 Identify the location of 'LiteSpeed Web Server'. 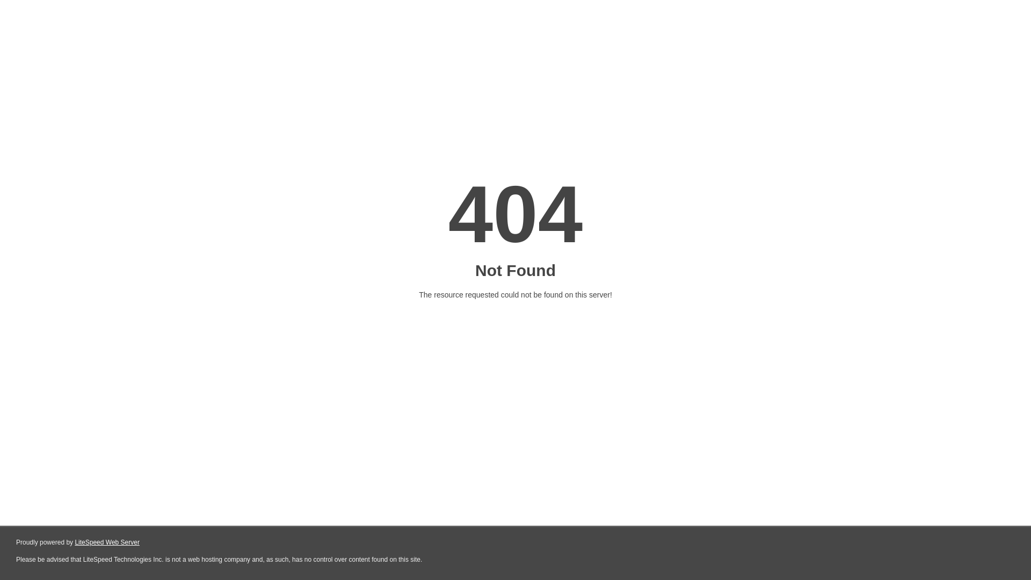
(107, 542).